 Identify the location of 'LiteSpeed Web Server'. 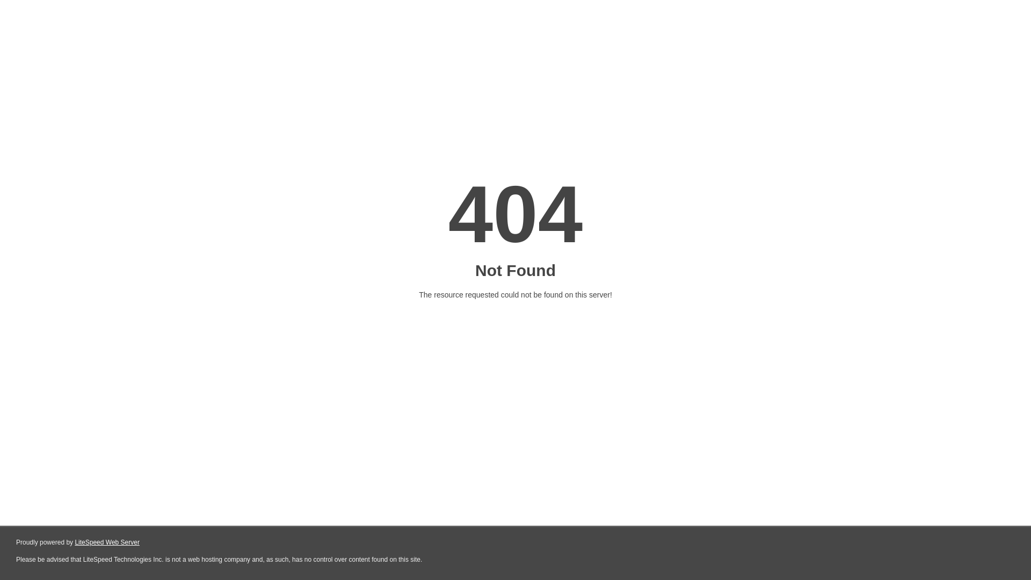
(107, 542).